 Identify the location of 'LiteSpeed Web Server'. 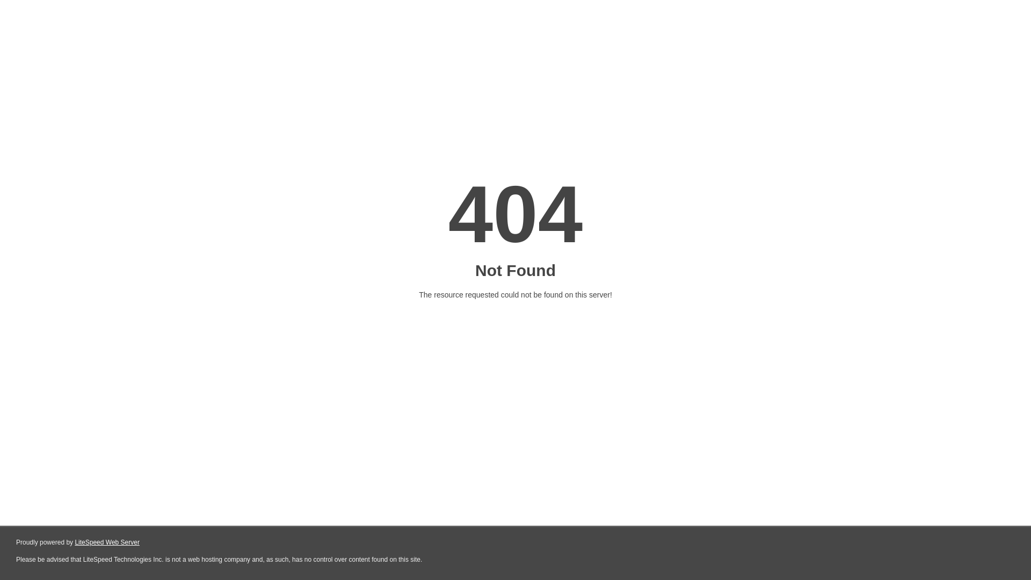
(107, 542).